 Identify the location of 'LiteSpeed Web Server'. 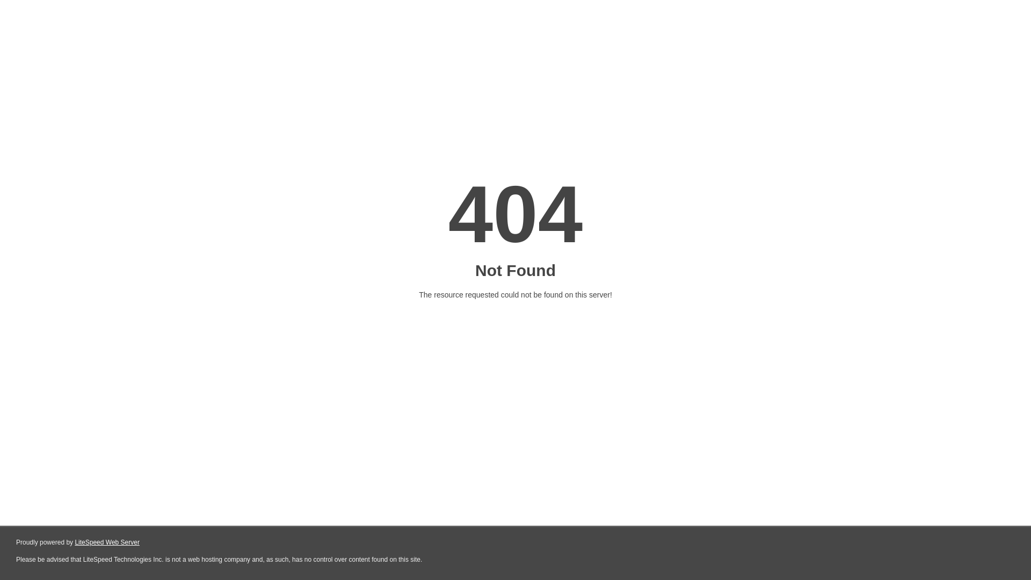
(107, 542).